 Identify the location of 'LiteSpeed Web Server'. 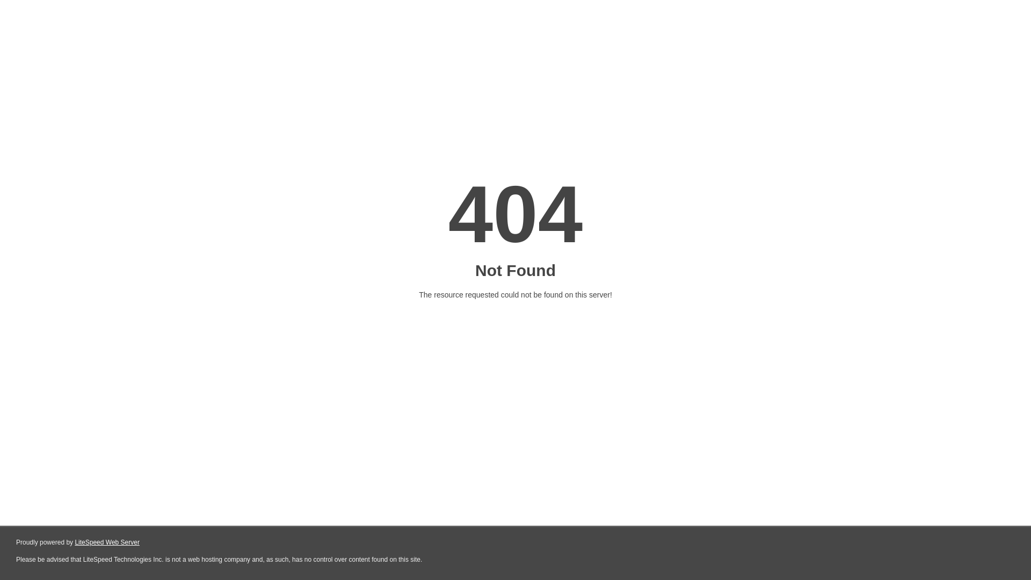
(107, 542).